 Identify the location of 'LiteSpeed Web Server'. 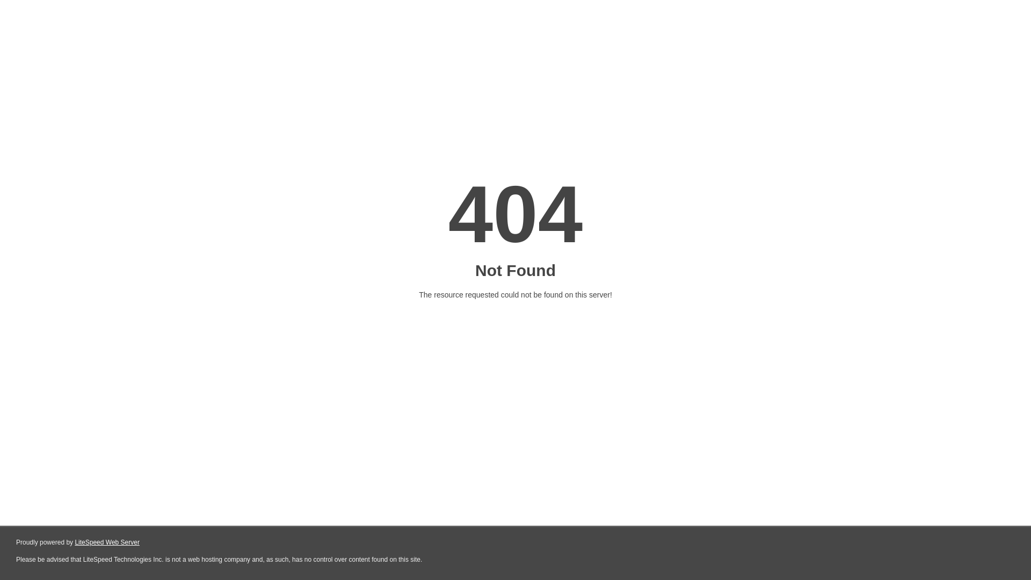
(107, 542).